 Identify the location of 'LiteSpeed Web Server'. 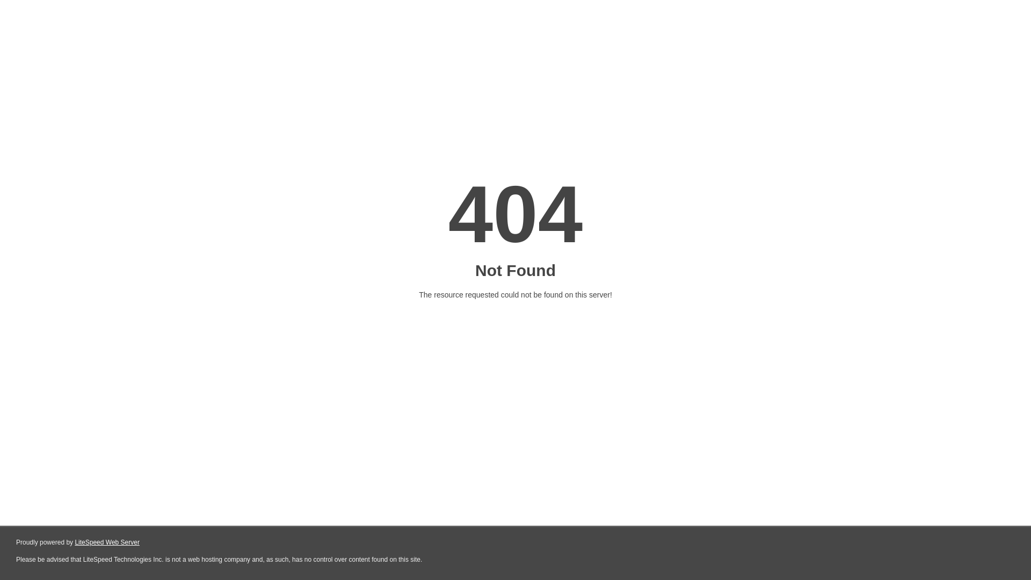
(107, 542).